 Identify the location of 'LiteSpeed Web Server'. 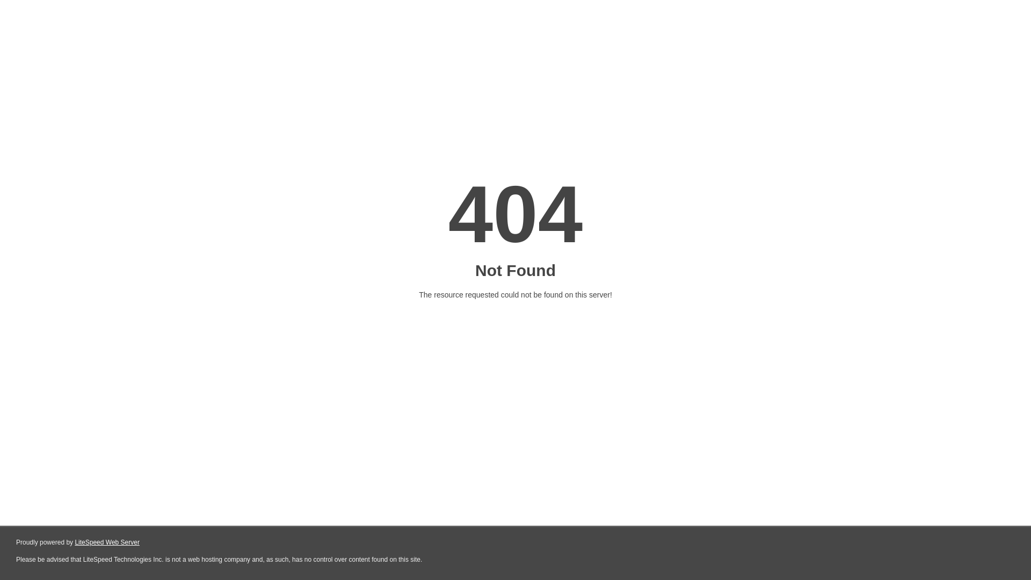
(107, 542).